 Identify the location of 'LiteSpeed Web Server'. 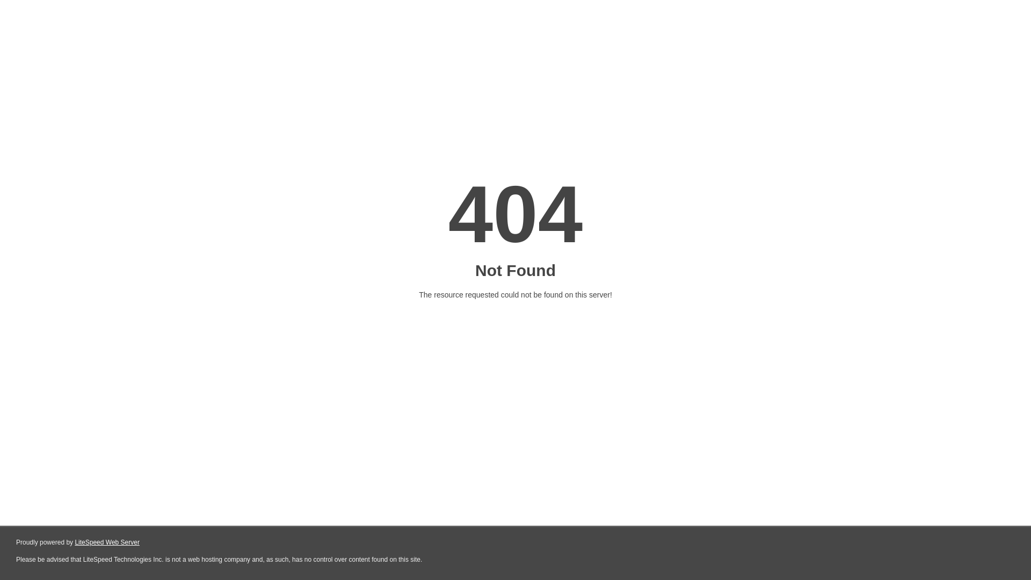
(107, 542).